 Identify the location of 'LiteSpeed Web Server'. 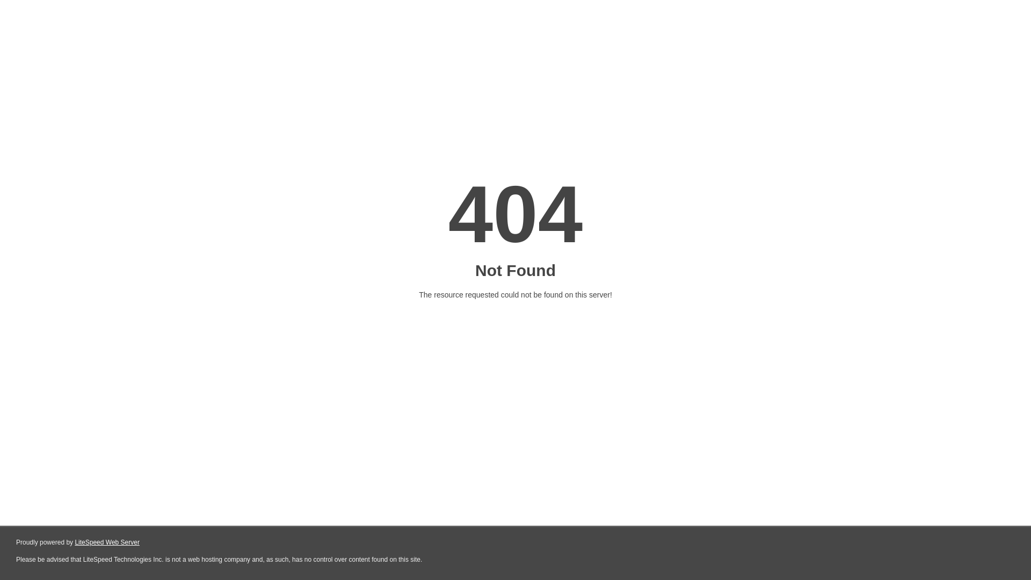
(107, 542).